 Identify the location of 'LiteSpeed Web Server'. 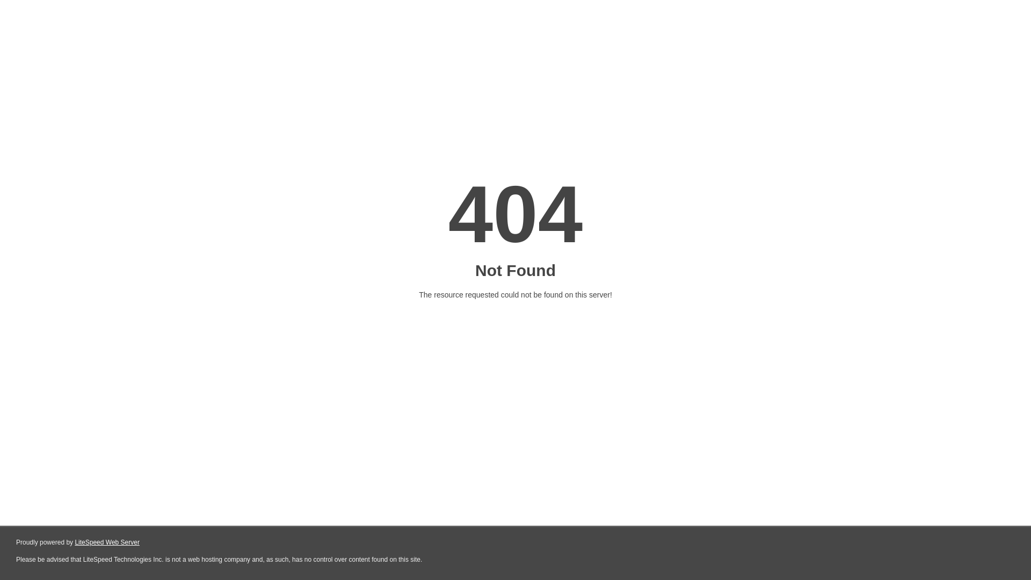
(107, 542).